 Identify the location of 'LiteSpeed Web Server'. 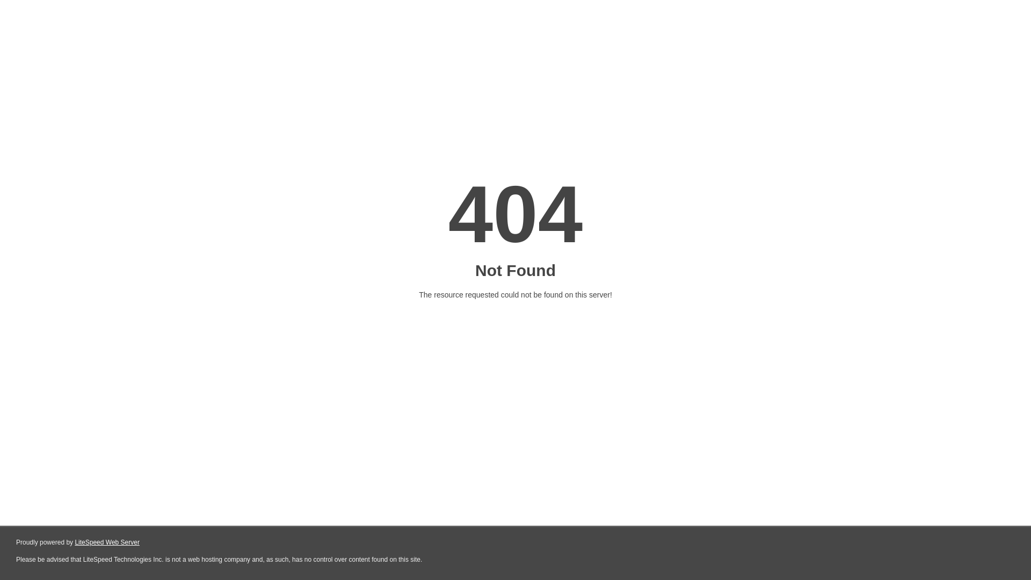
(107, 542).